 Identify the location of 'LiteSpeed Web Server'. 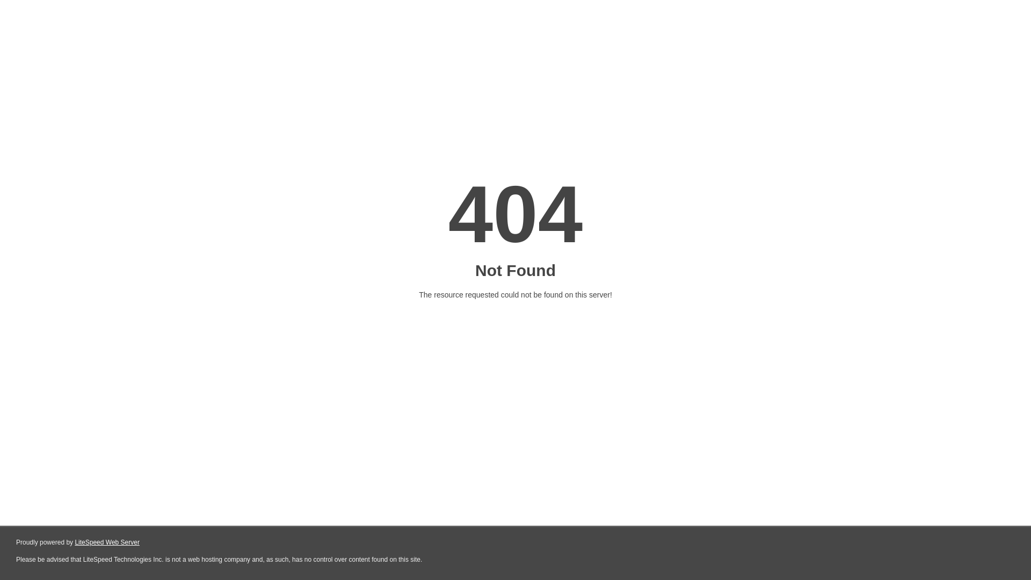
(107, 542).